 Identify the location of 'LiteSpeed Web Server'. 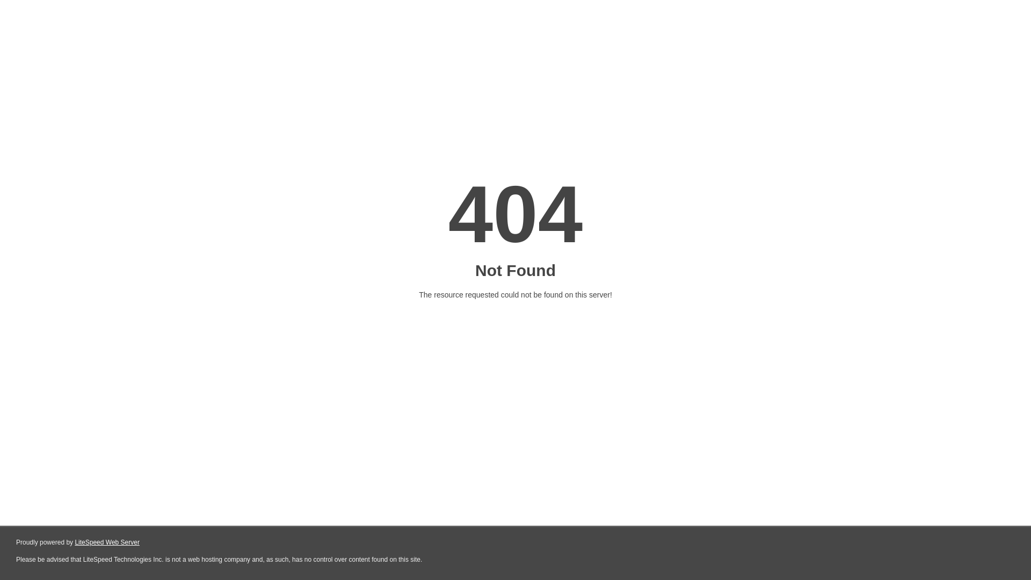
(107, 542).